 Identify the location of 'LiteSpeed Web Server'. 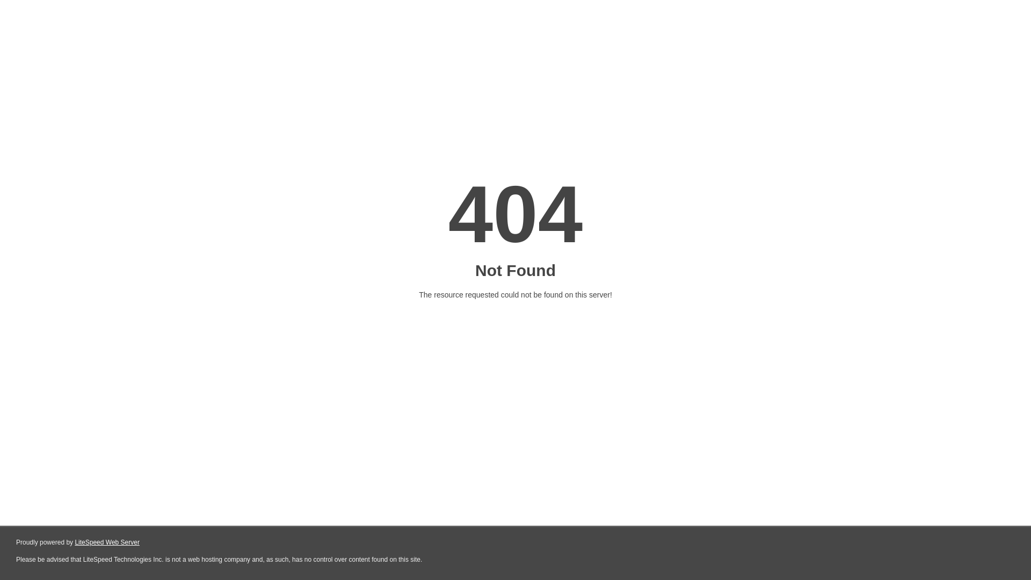
(107, 542).